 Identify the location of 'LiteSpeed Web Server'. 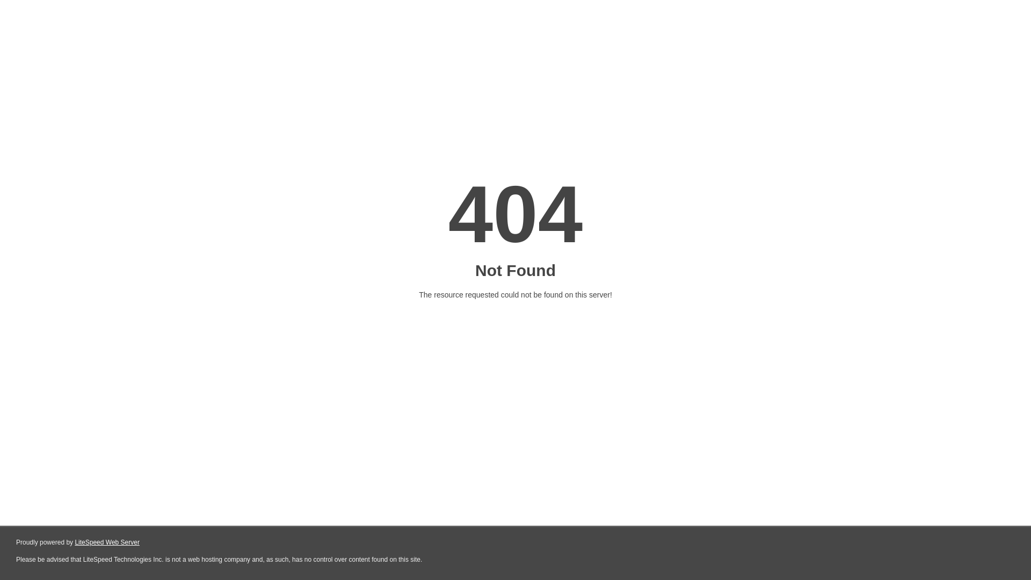
(107, 542).